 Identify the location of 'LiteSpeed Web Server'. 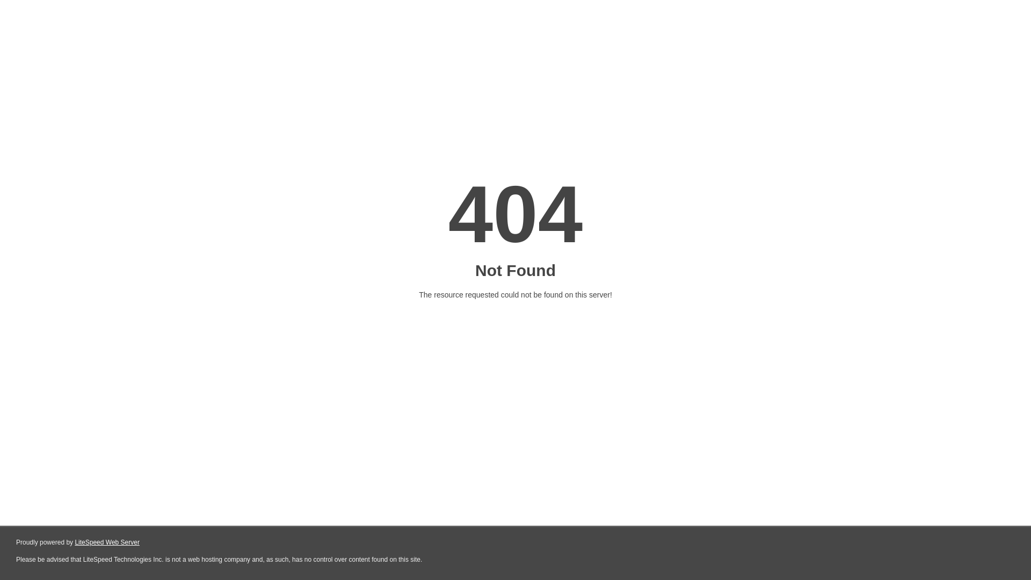
(107, 542).